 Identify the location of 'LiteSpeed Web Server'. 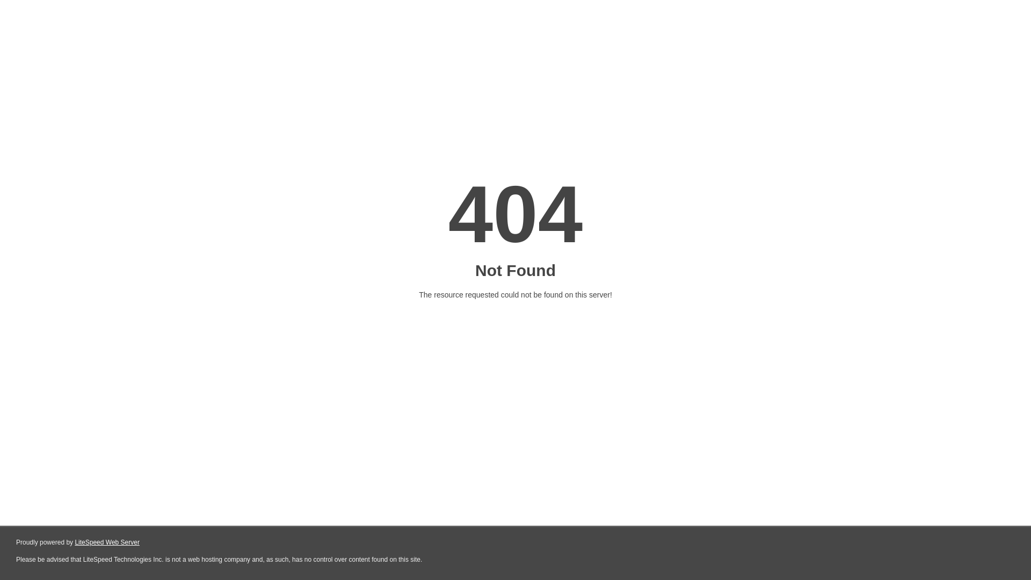
(107, 542).